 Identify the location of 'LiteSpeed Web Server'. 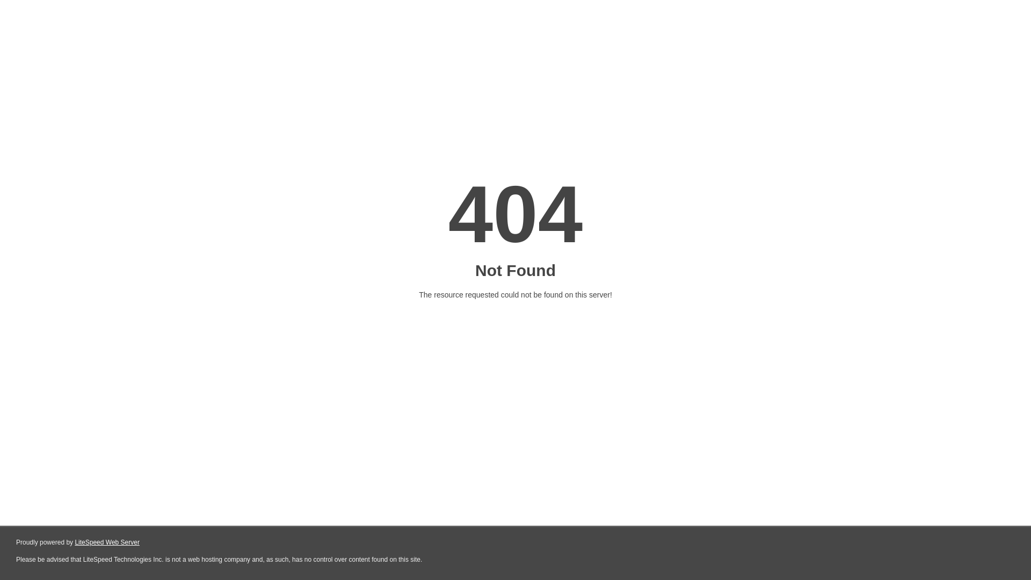
(107, 542).